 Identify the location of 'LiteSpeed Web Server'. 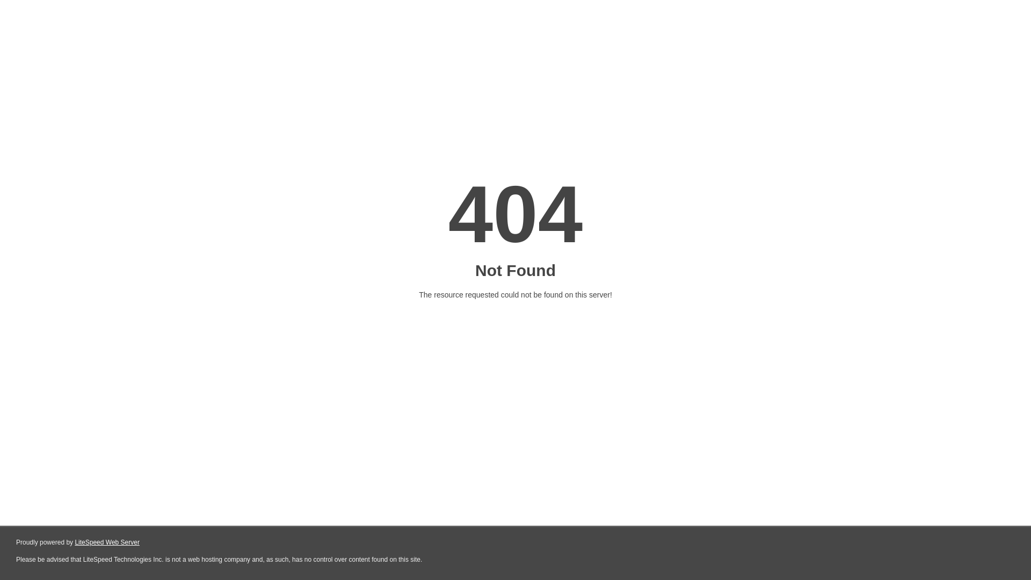
(107, 542).